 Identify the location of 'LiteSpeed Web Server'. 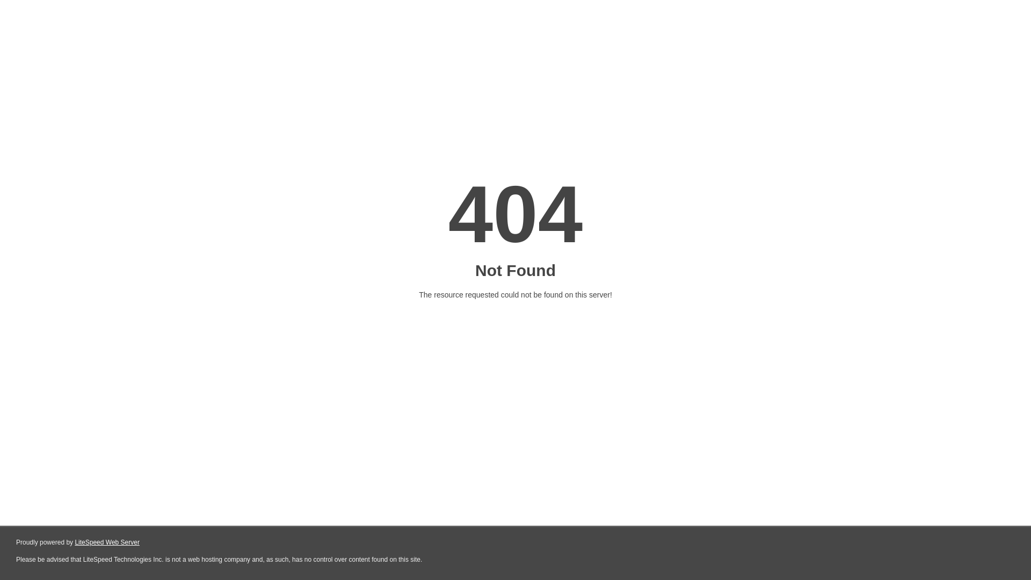
(107, 542).